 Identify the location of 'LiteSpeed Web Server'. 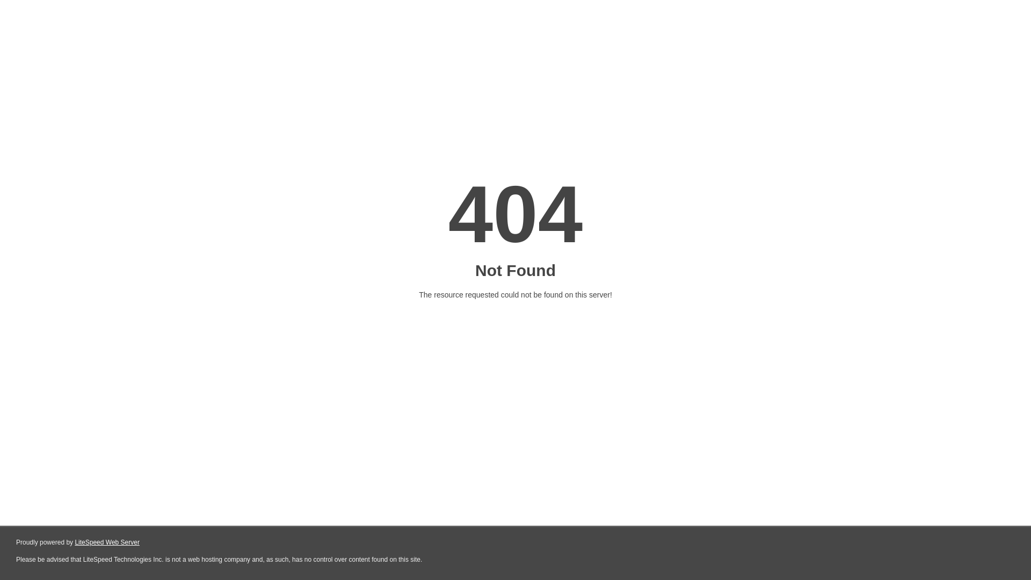
(107, 542).